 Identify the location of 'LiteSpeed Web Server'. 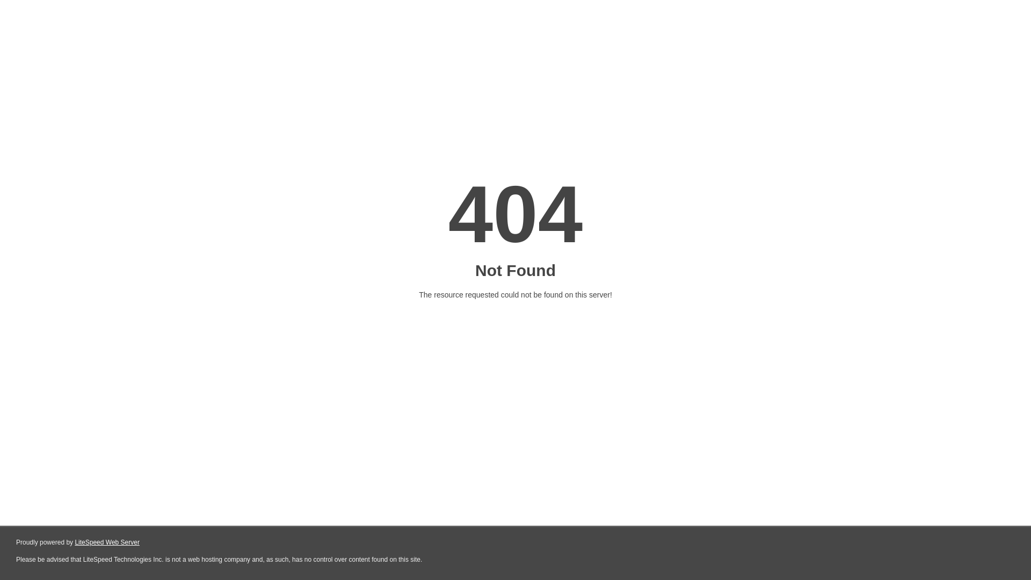
(107, 542).